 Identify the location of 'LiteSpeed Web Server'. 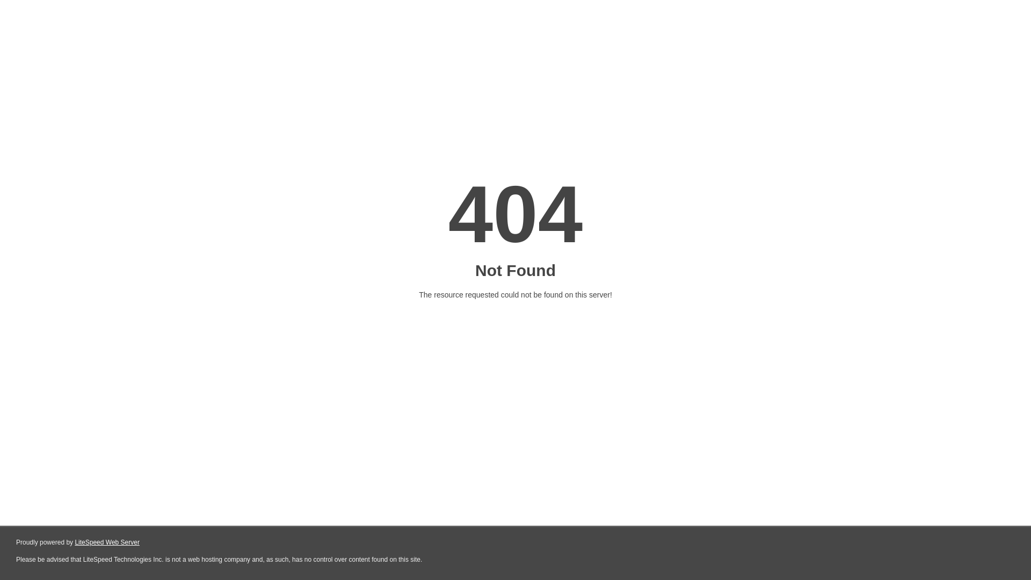
(107, 542).